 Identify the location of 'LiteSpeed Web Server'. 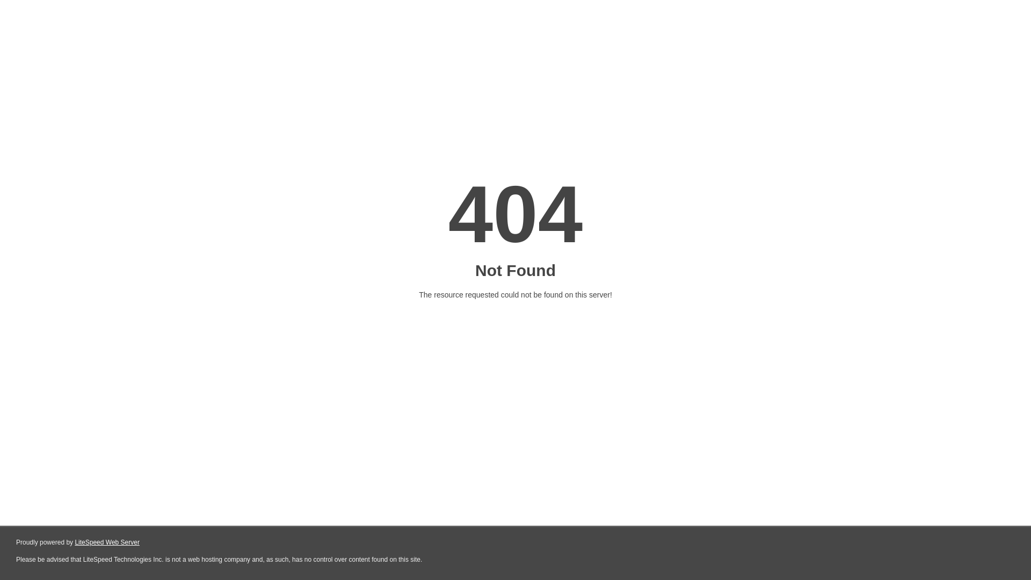
(107, 542).